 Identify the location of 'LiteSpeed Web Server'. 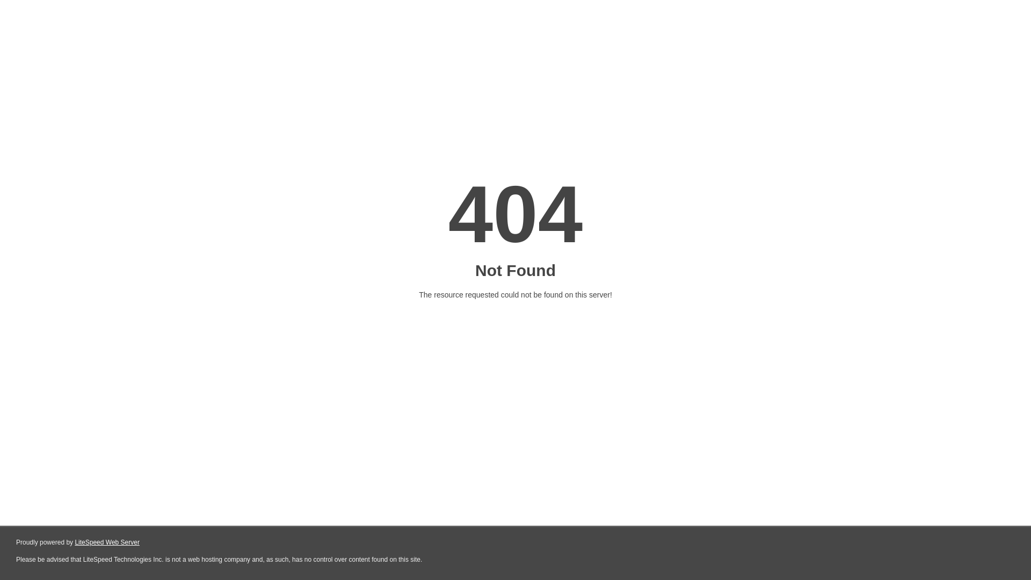
(107, 542).